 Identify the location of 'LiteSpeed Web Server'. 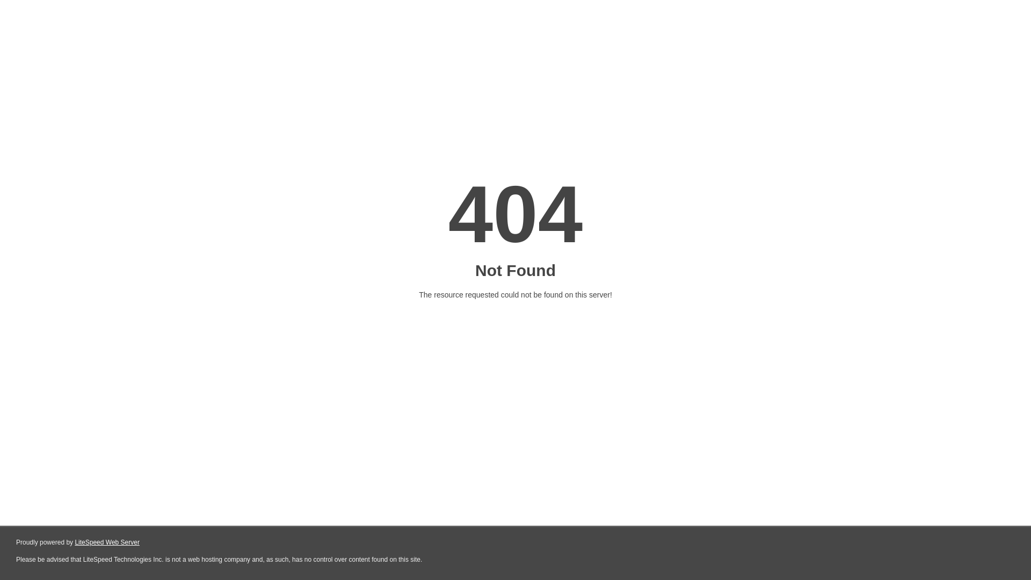
(107, 542).